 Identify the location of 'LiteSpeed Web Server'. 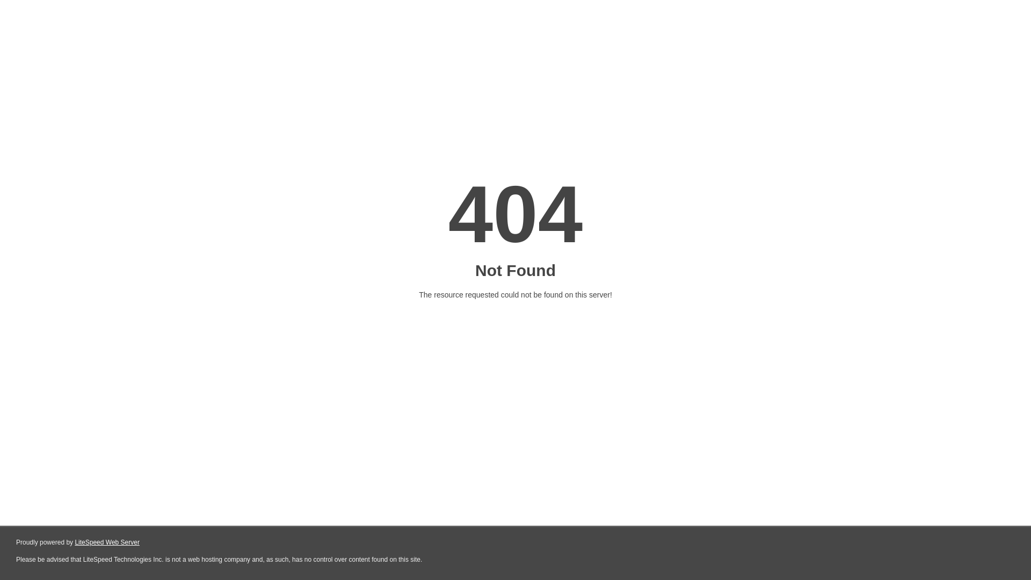
(107, 542).